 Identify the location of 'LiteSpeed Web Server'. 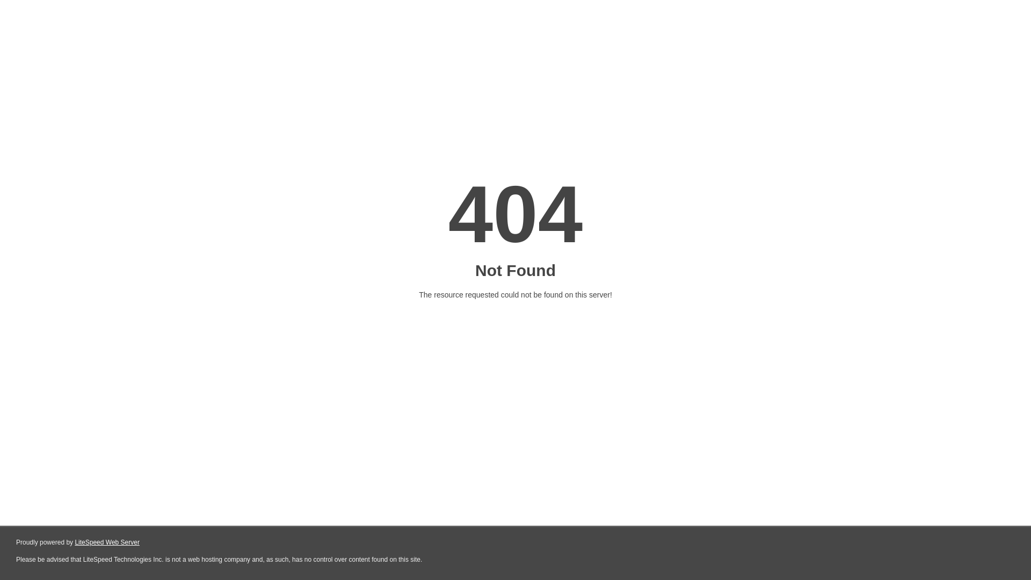
(107, 542).